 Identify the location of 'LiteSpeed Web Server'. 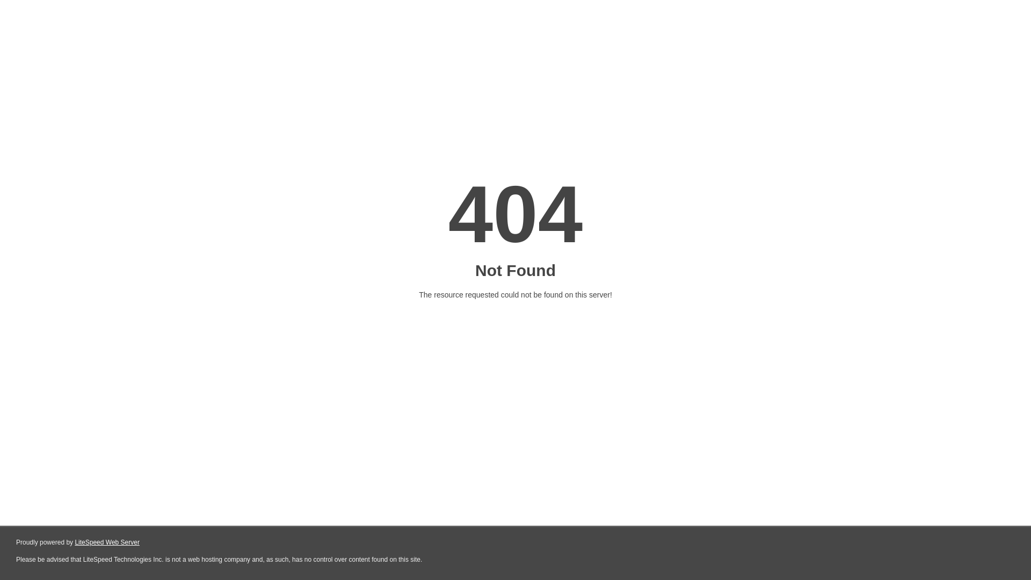
(107, 542).